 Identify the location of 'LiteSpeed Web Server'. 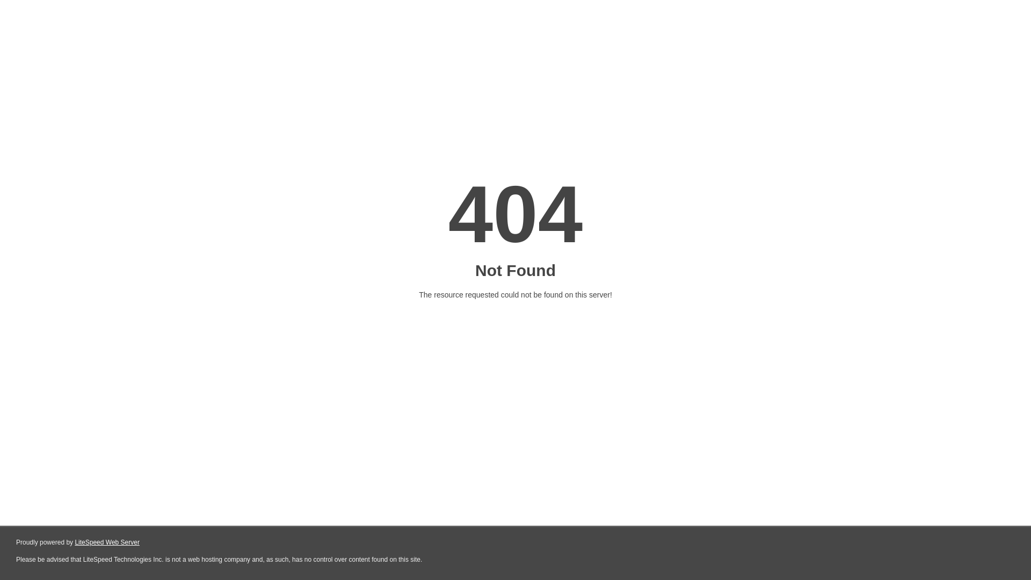
(107, 542).